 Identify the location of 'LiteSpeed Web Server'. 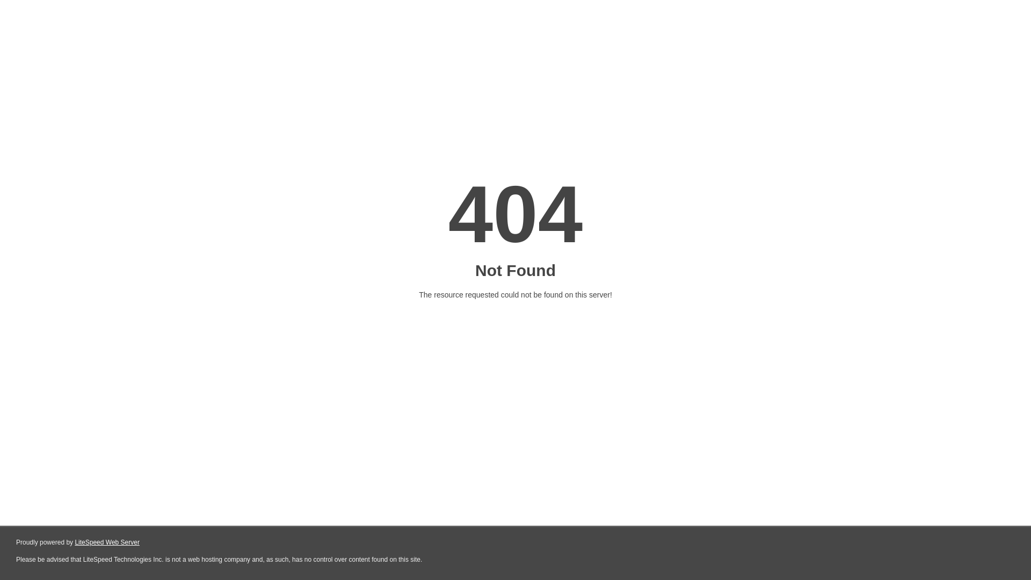
(107, 542).